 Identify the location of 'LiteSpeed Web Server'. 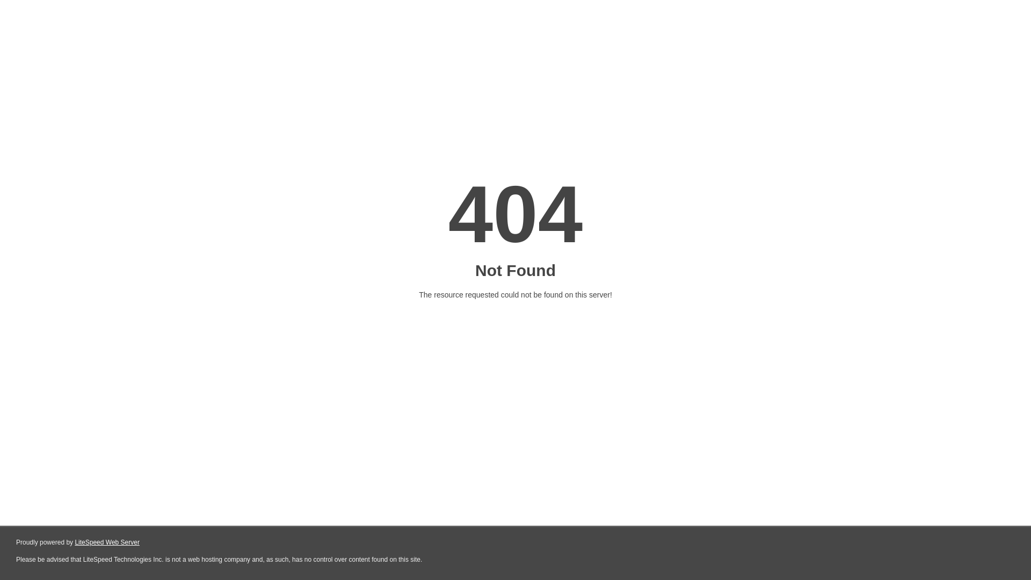
(107, 542).